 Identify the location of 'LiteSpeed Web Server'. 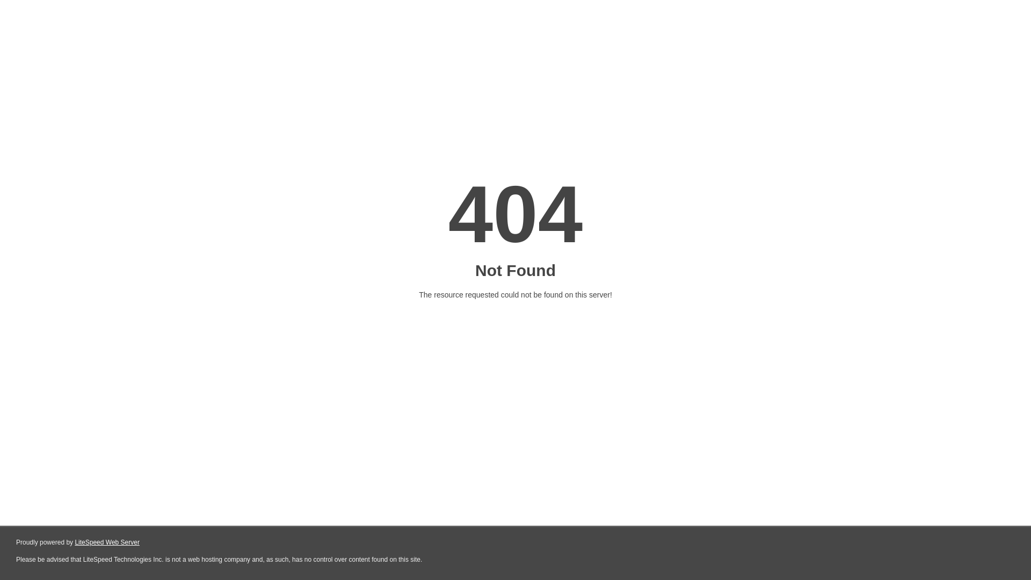
(107, 542).